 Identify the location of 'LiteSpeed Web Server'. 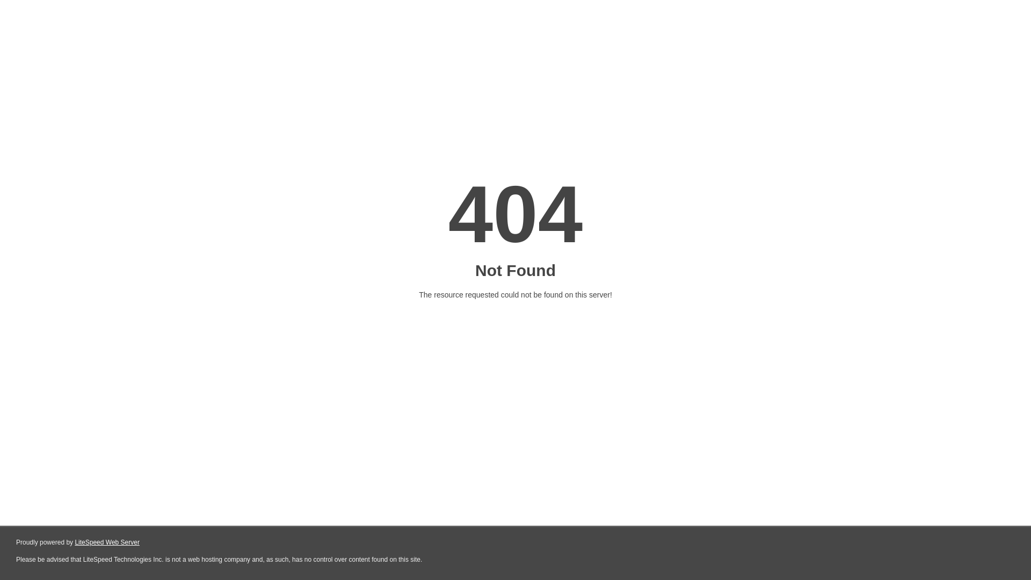
(107, 542).